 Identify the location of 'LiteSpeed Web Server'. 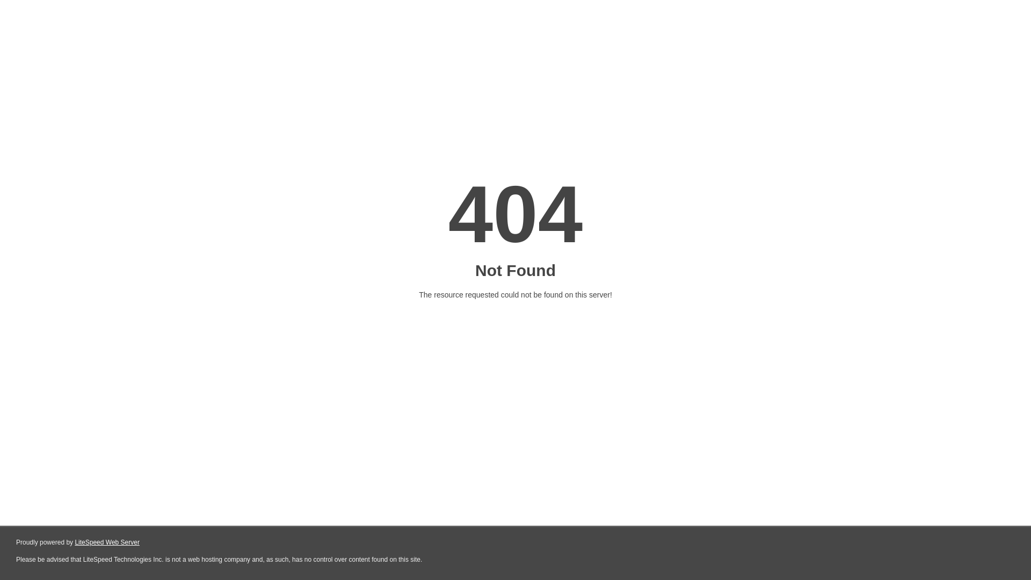
(107, 542).